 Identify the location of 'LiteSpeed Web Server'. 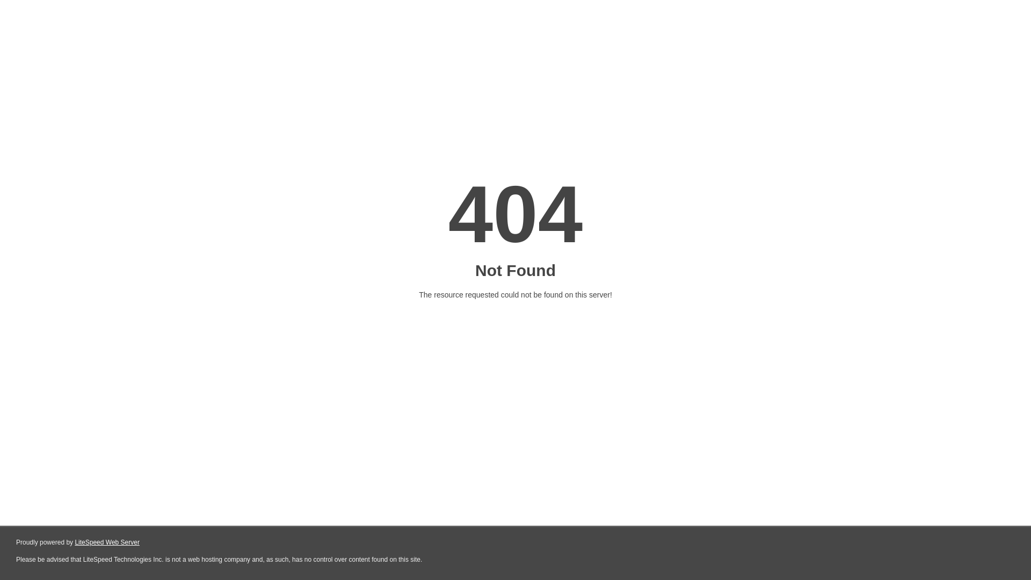
(107, 542).